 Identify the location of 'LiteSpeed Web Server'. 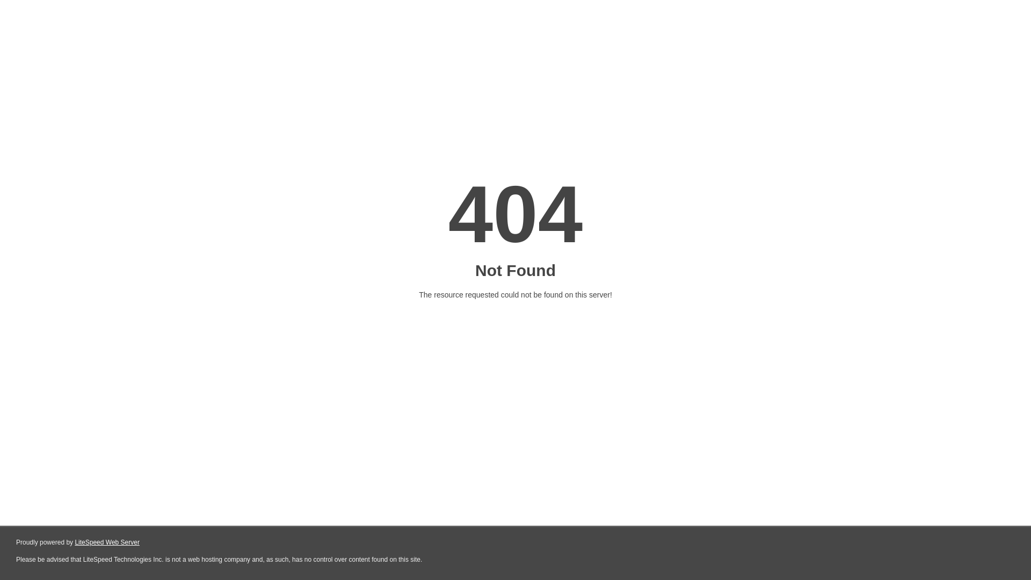
(107, 542).